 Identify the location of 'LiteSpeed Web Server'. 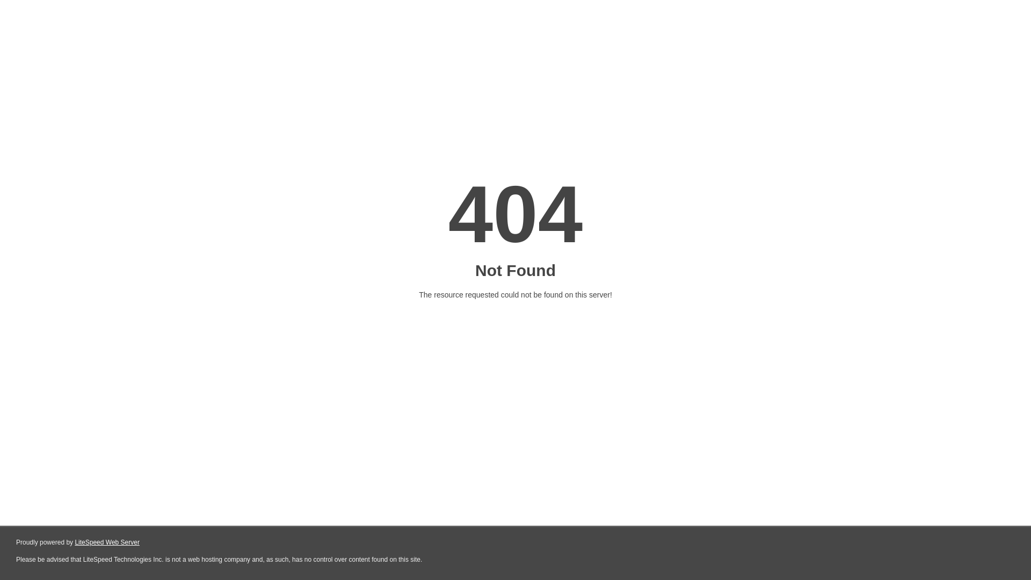
(107, 542).